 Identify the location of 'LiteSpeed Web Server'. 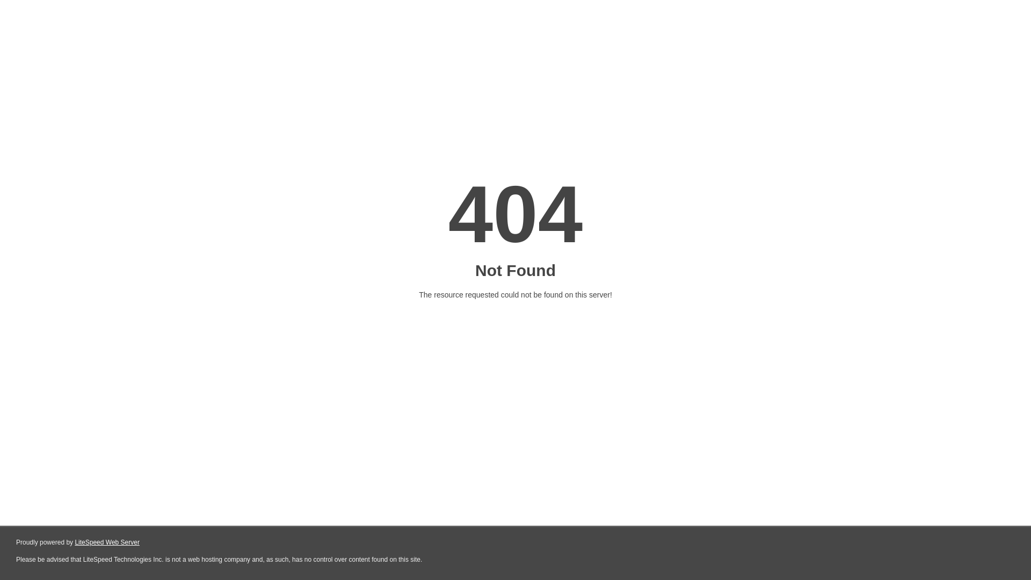
(107, 542).